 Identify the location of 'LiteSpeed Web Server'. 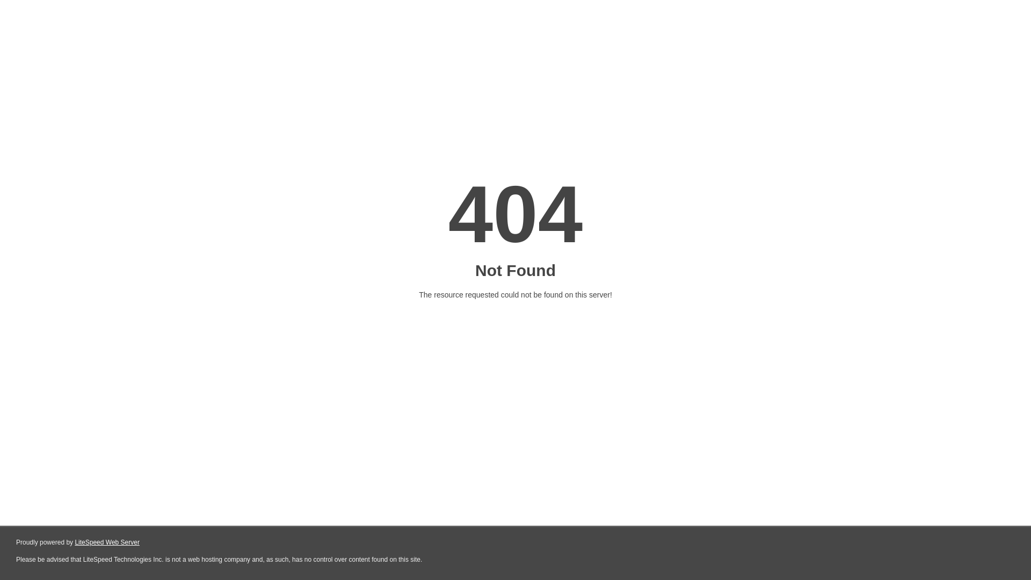
(107, 542).